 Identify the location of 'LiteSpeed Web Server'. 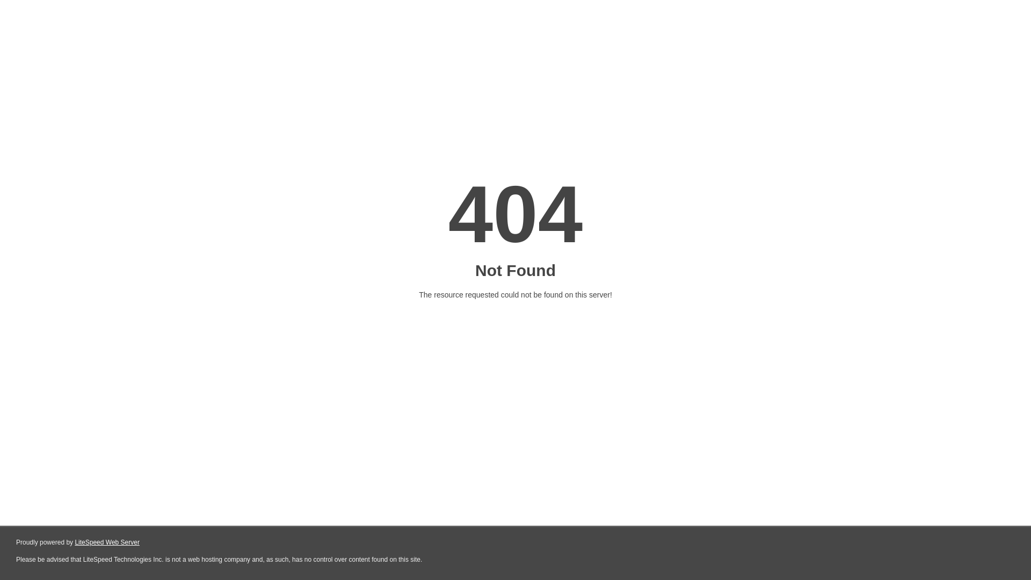
(107, 542).